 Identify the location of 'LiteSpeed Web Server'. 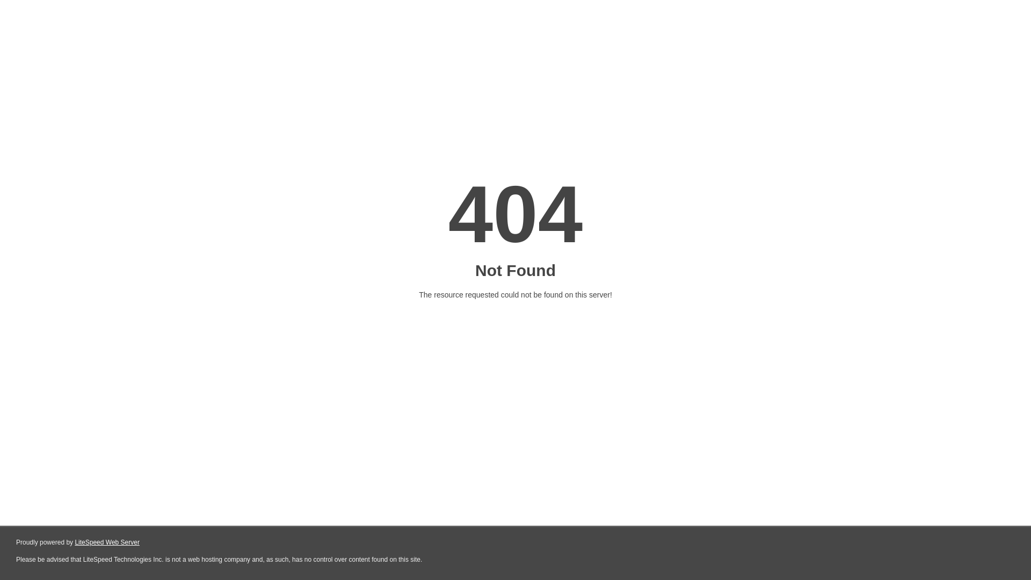
(107, 542).